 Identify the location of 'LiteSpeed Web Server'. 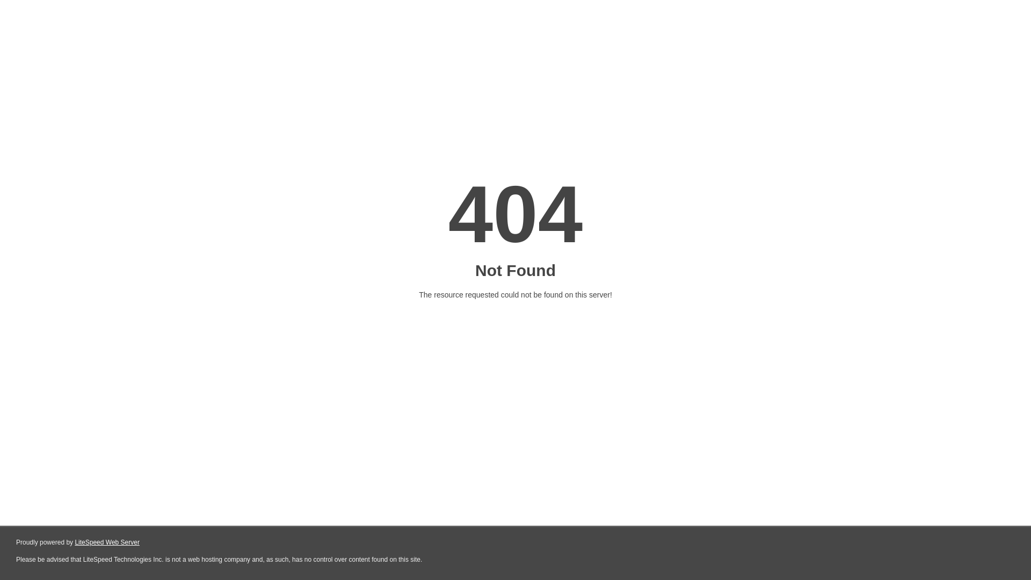
(107, 542).